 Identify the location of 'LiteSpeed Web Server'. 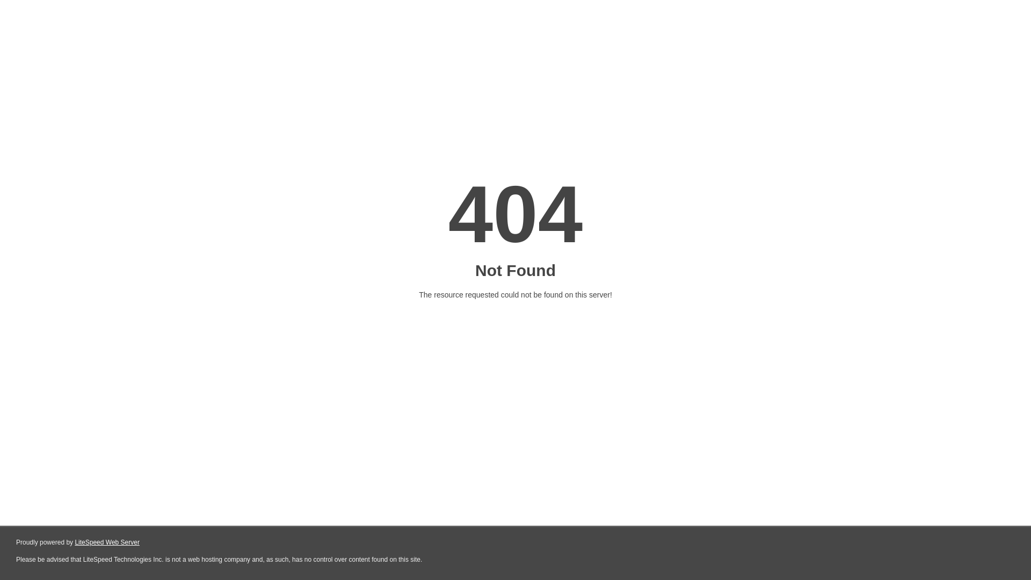
(107, 542).